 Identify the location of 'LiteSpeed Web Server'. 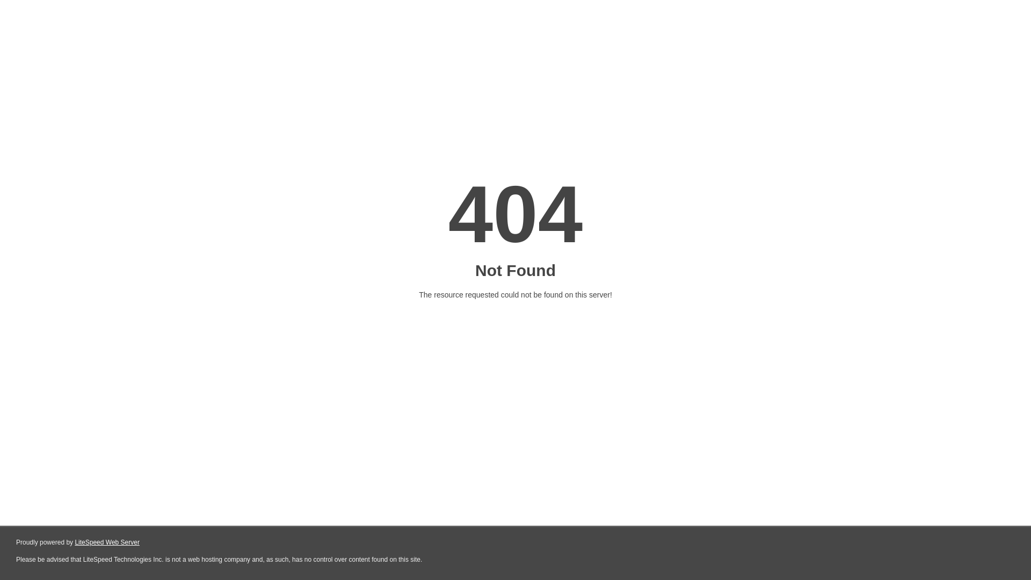
(107, 542).